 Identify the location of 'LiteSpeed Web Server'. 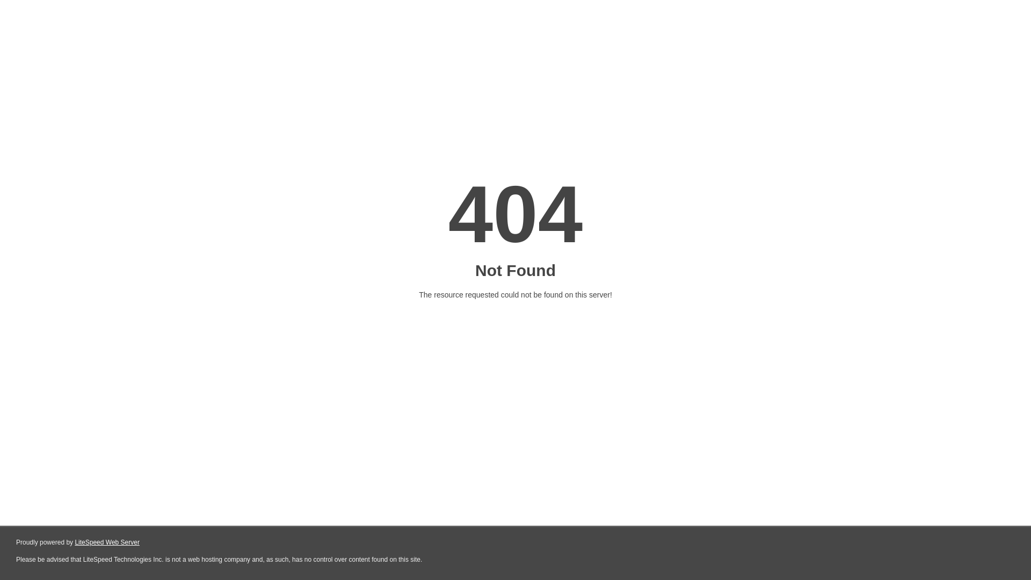
(107, 542).